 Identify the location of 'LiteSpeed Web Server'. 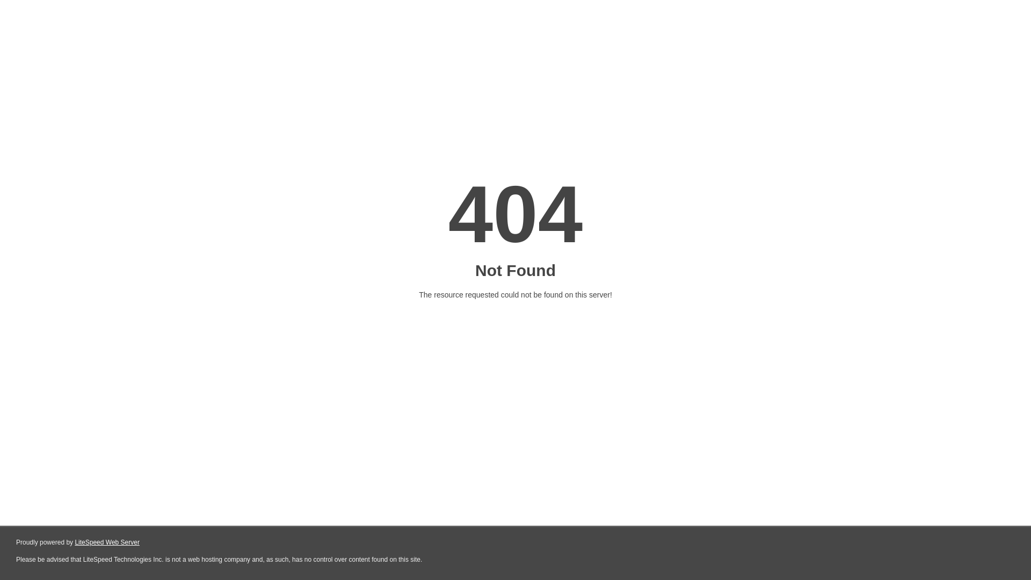
(107, 542).